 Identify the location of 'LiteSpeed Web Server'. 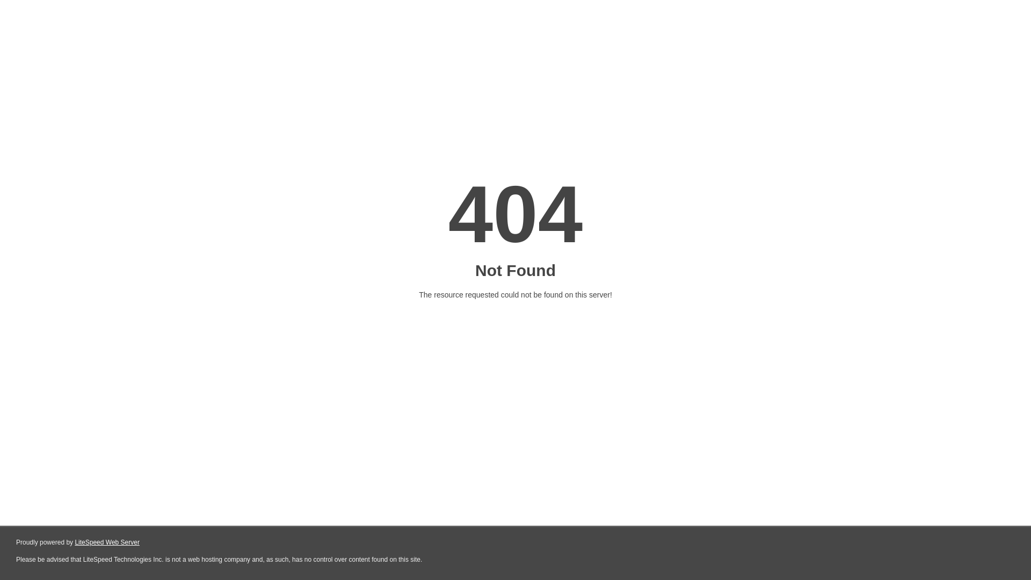
(107, 542).